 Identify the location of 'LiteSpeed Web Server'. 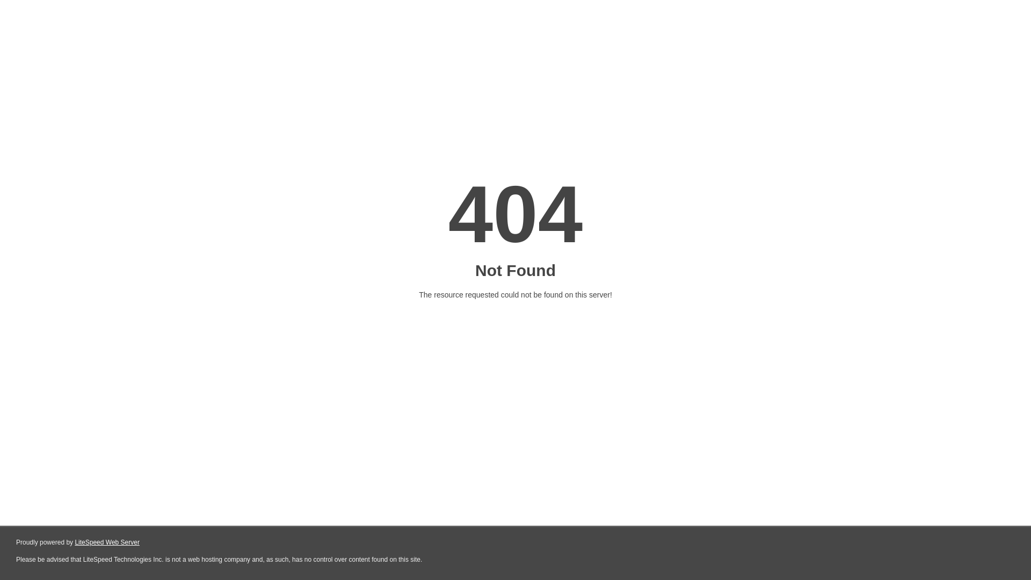
(107, 542).